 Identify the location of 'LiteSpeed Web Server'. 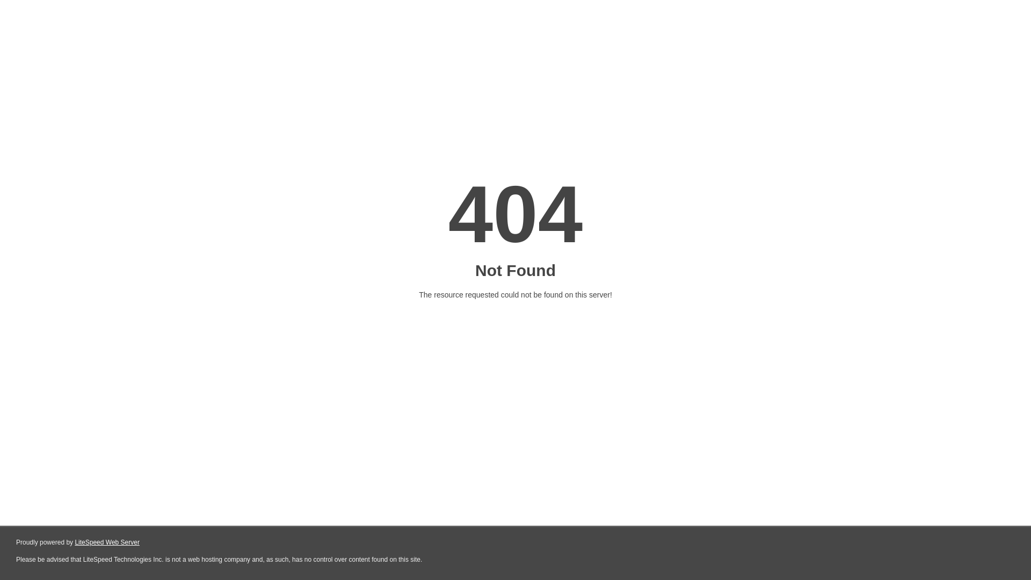
(107, 542).